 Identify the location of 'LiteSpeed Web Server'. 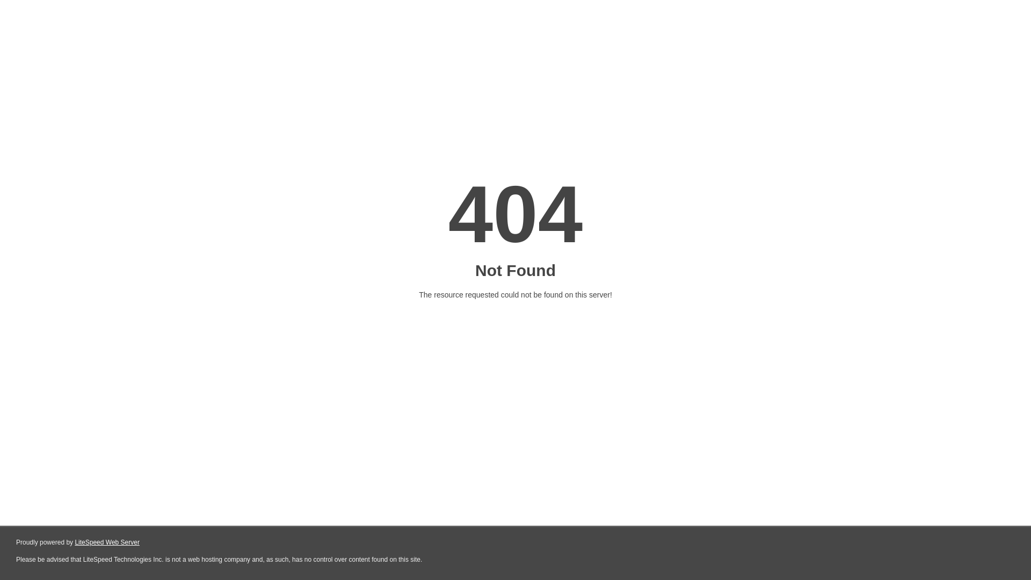
(107, 542).